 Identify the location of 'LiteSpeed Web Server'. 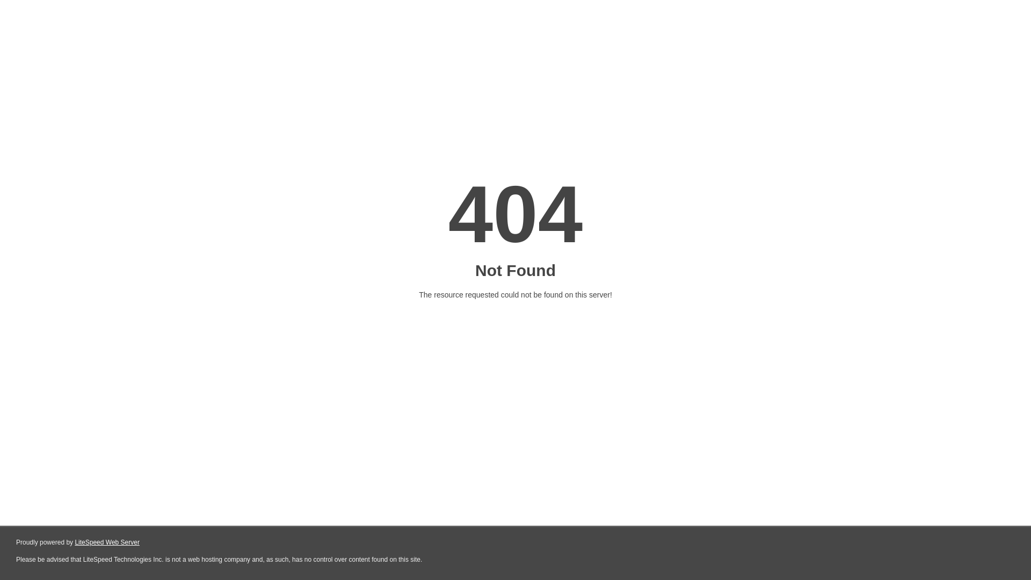
(107, 542).